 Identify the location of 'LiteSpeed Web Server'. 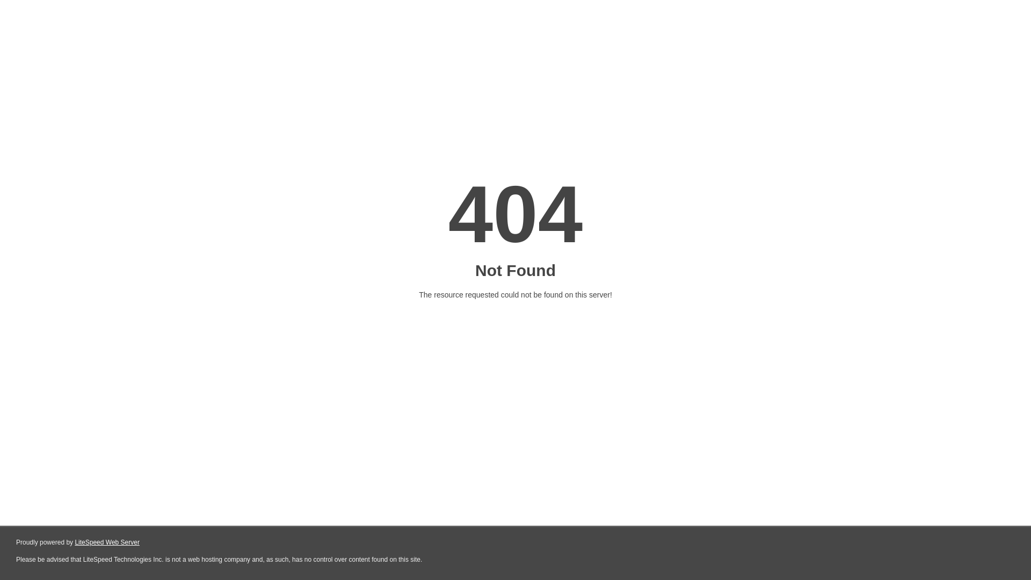
(107, 542).